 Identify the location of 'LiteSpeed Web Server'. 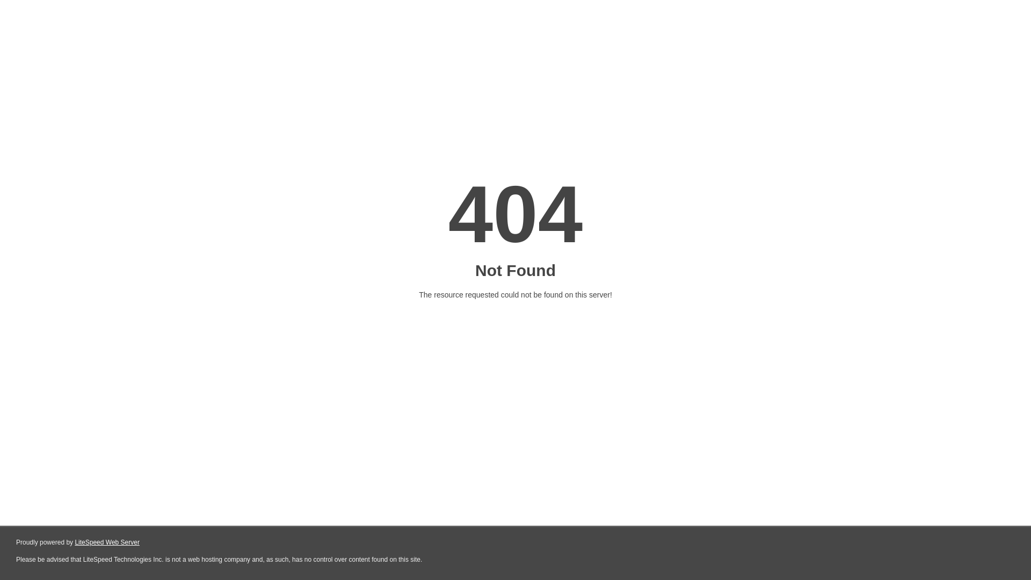
(107, 542).